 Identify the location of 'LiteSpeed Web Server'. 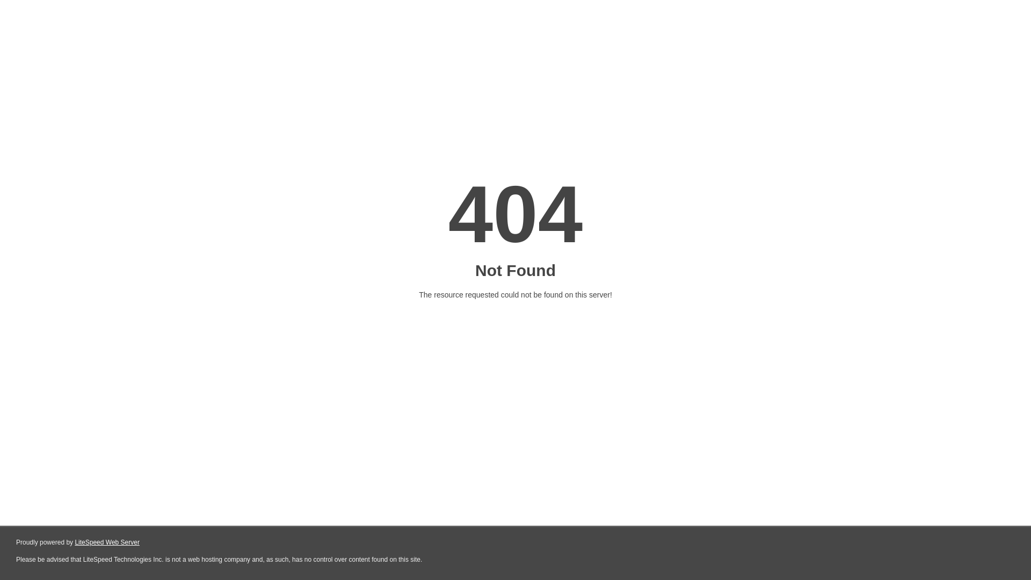
(107, 542).